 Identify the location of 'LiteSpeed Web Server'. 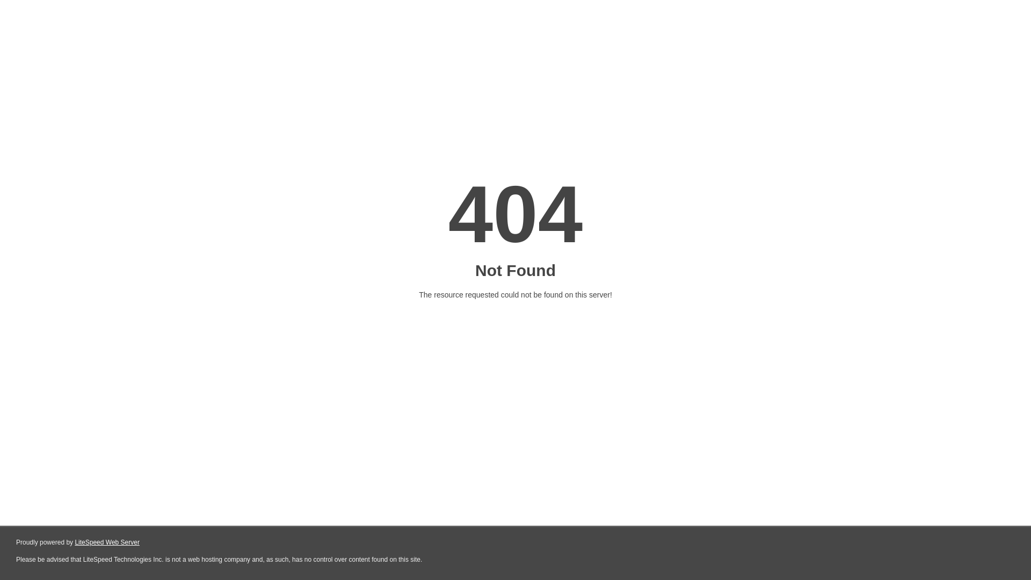
(107, 542).